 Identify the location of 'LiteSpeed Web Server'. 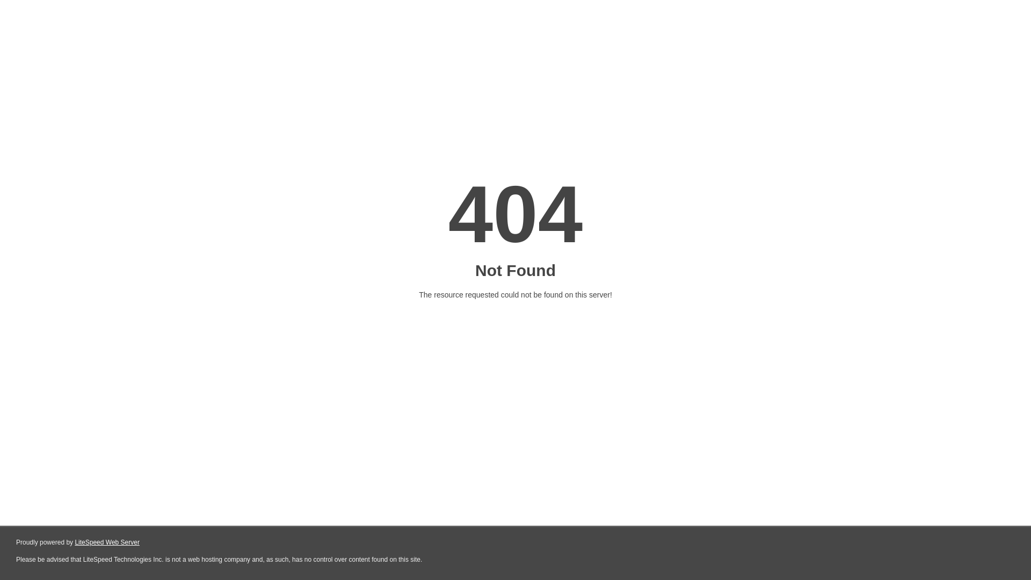
(107, 542).